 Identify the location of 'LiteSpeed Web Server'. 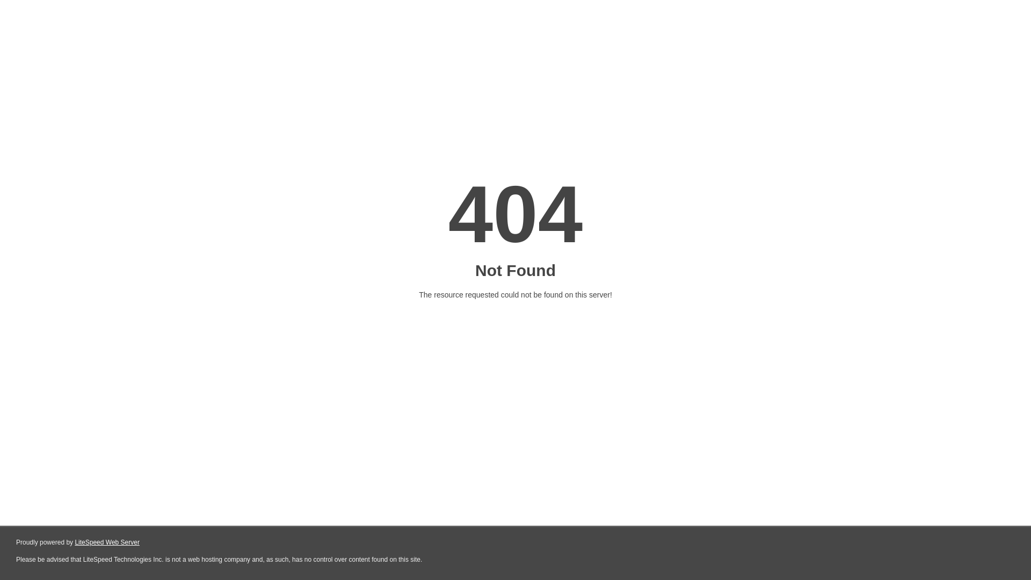
(107, 542).